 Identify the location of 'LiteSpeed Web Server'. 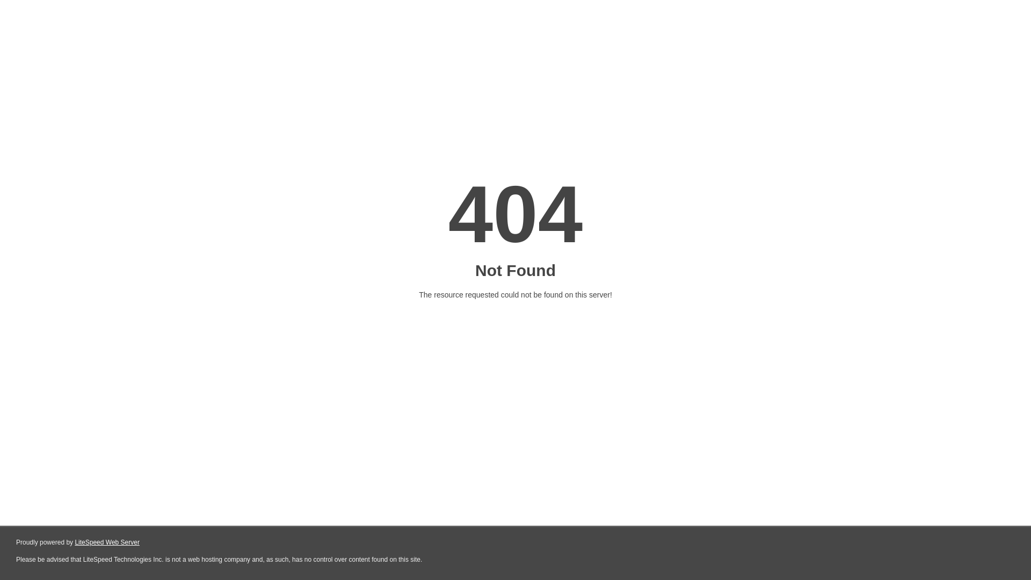
(107, 542).